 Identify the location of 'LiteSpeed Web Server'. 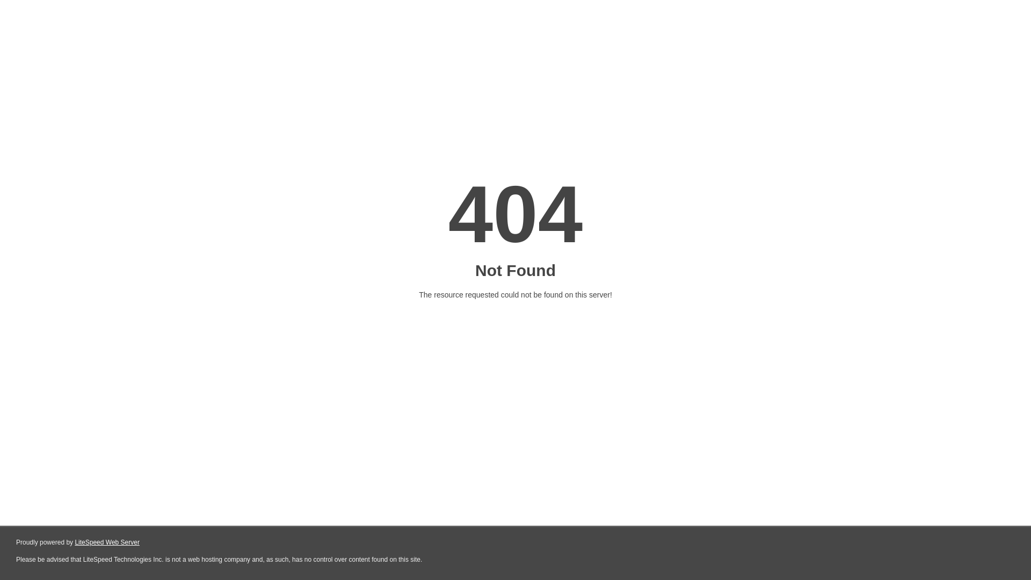
(107, 542).